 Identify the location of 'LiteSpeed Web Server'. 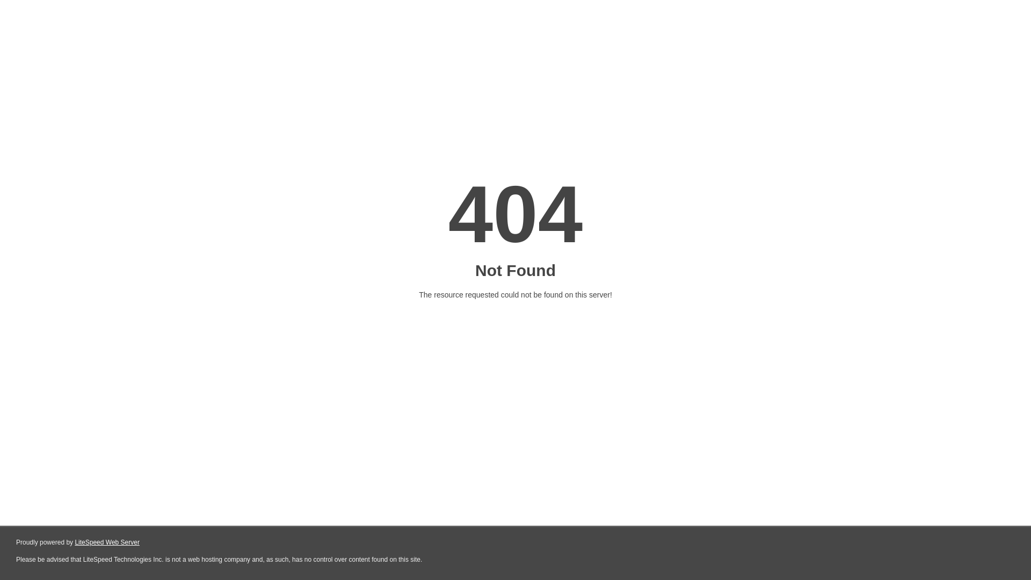
(107, 542).